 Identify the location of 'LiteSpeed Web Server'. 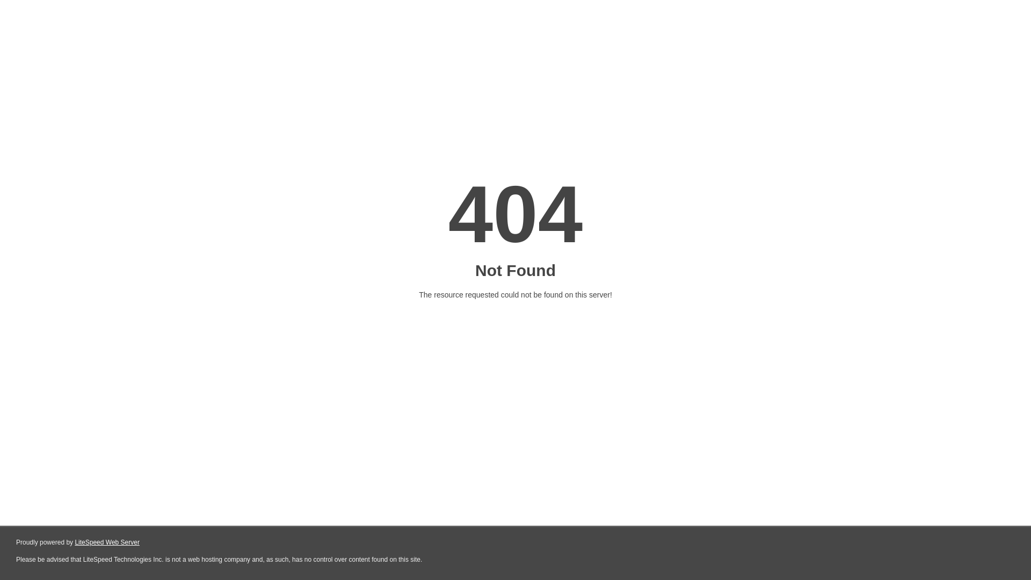
(107, 542).